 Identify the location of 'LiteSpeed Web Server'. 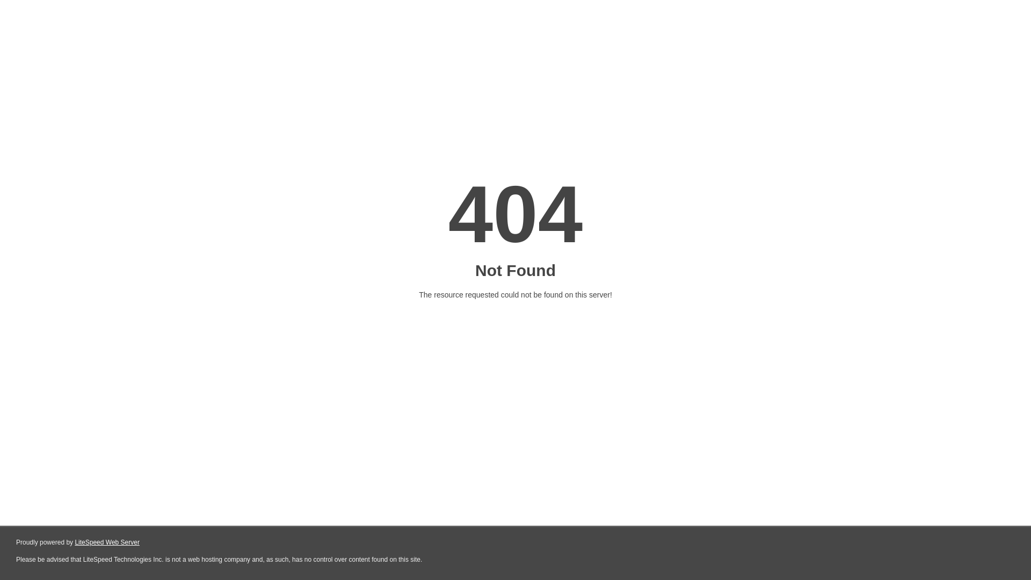
(107, 542).